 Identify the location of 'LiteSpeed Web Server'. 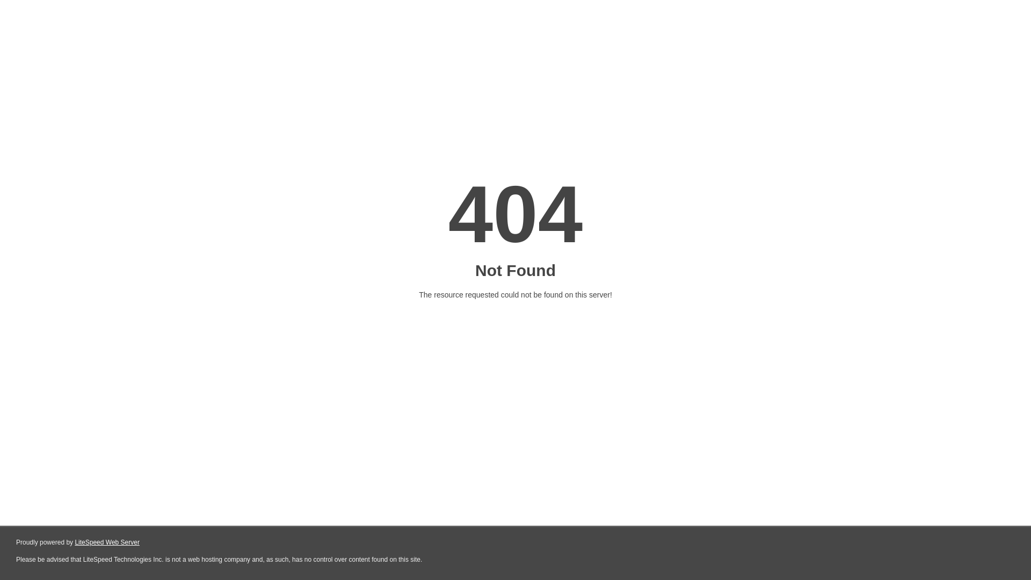
(107, 542).